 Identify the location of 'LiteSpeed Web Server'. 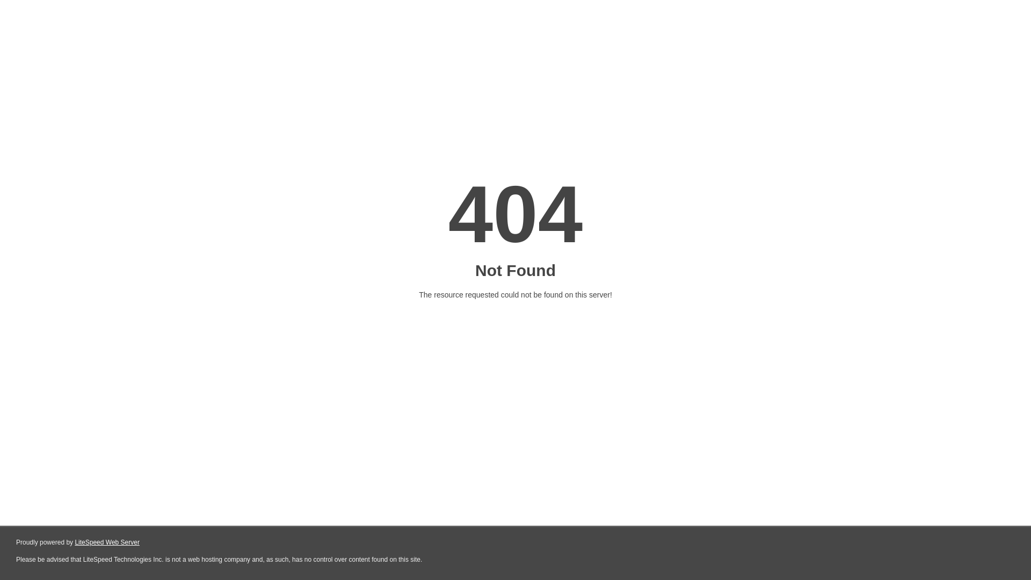
(107, 542).